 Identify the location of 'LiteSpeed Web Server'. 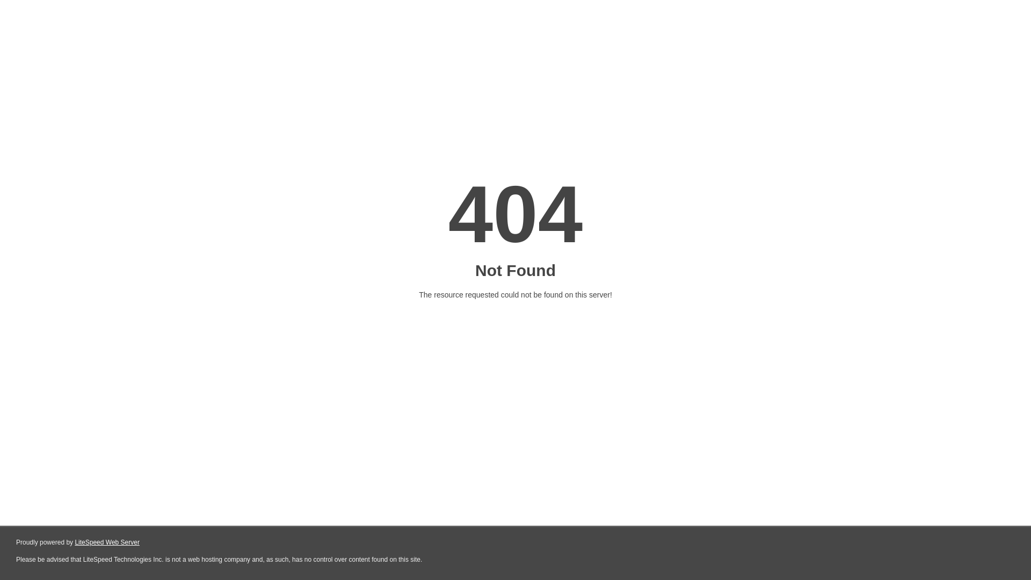
(107, 542).